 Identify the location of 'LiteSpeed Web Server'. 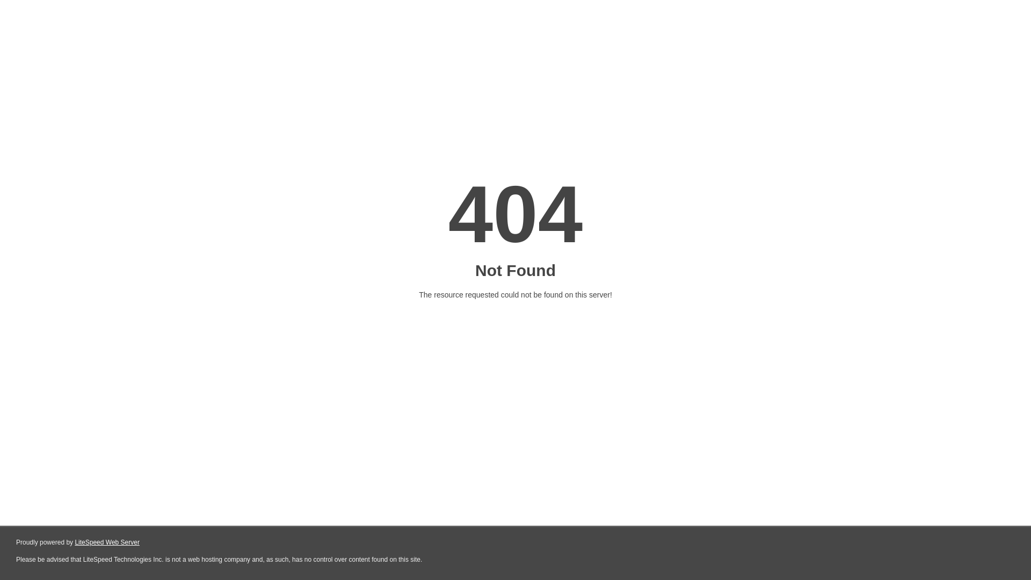
(107, 542).